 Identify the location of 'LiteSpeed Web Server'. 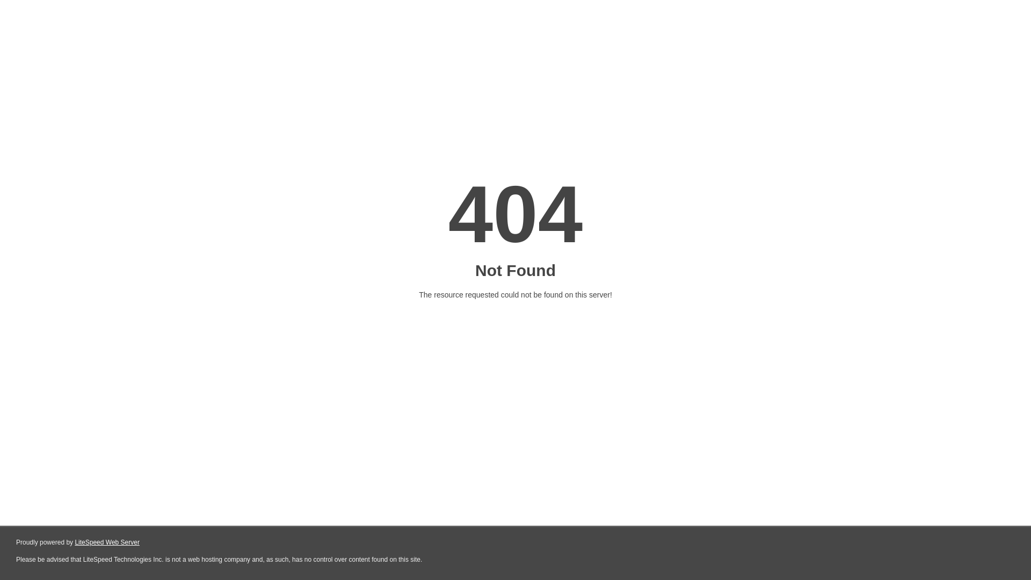
(107, 542).